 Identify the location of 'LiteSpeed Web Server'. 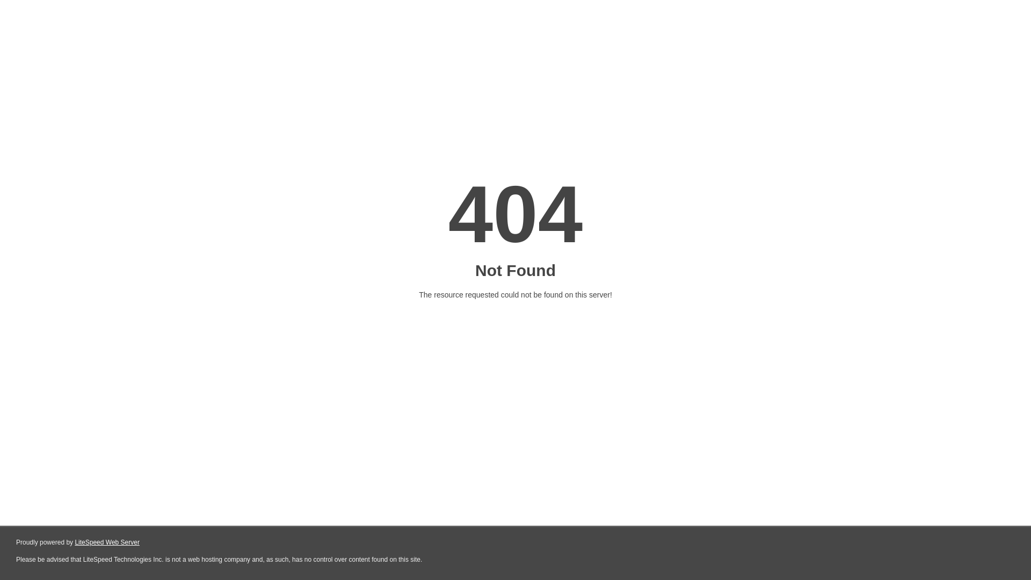
(107, 542).